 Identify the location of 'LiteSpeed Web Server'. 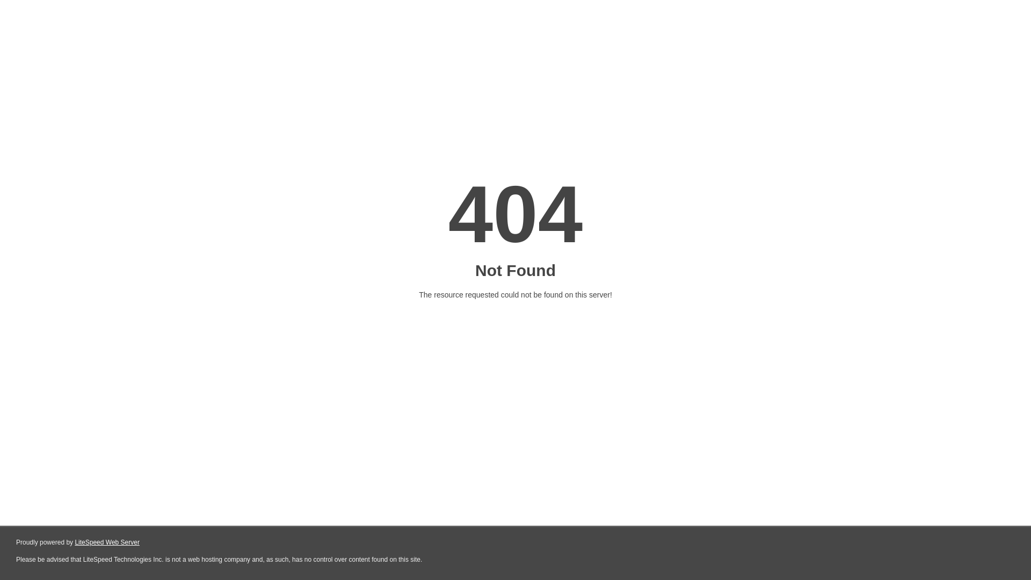
(107, 542).